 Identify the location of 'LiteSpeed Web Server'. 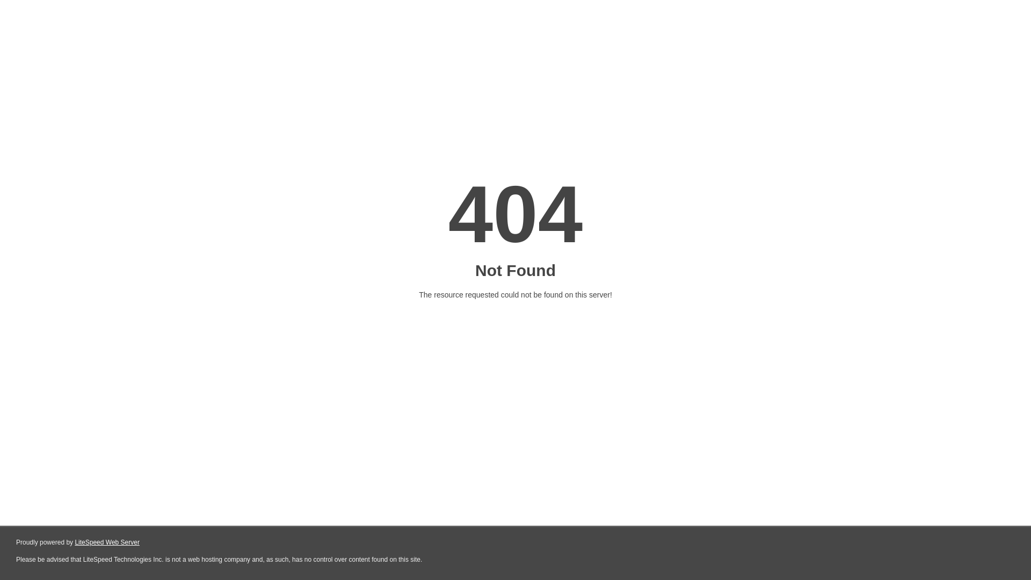
(107, 542).